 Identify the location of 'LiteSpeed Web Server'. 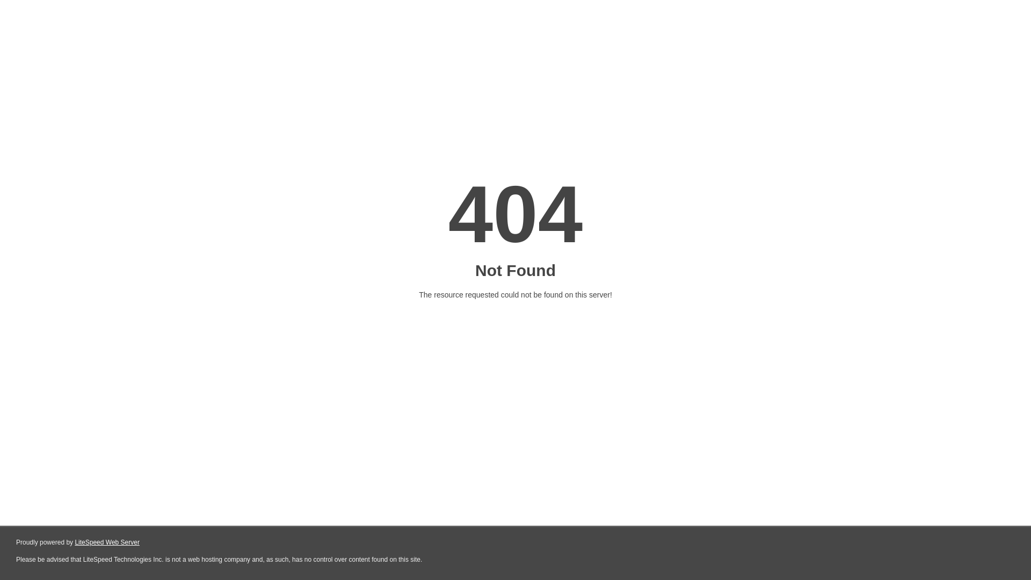
(107, 542).